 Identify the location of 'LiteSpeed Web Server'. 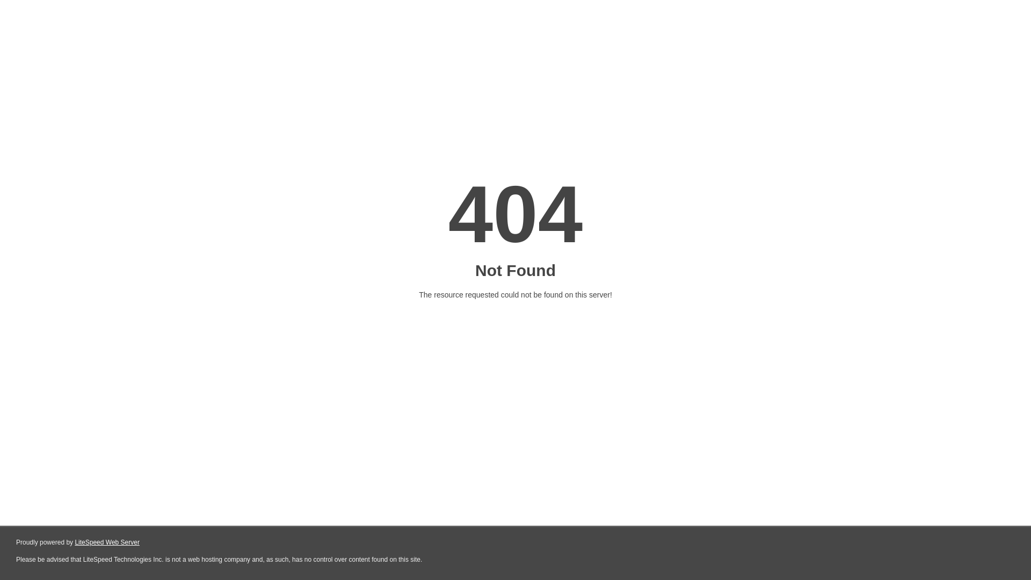
(107, 542).